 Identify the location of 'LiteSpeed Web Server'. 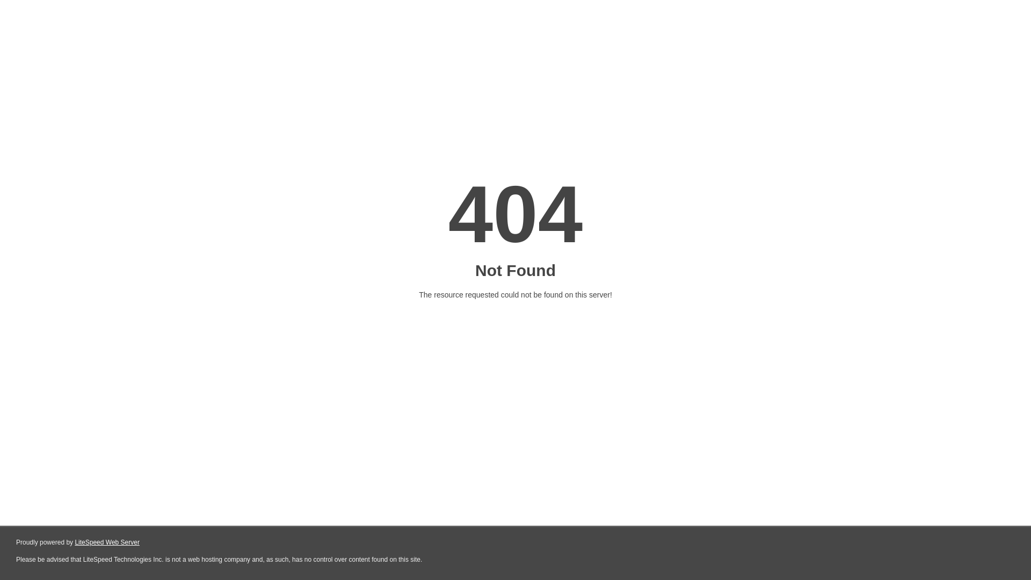
(107, 542).